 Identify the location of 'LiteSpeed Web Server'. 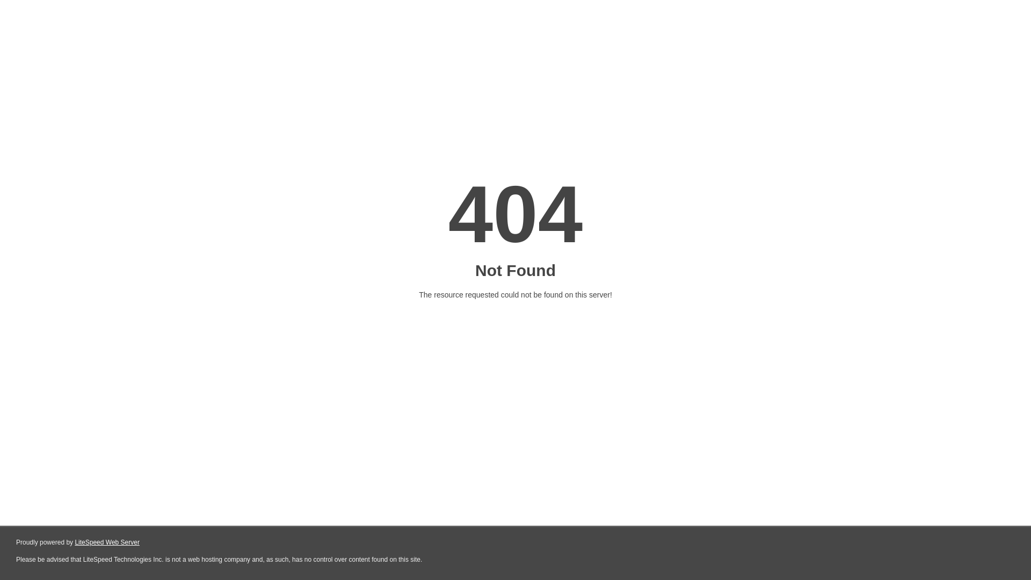
(107, 542).